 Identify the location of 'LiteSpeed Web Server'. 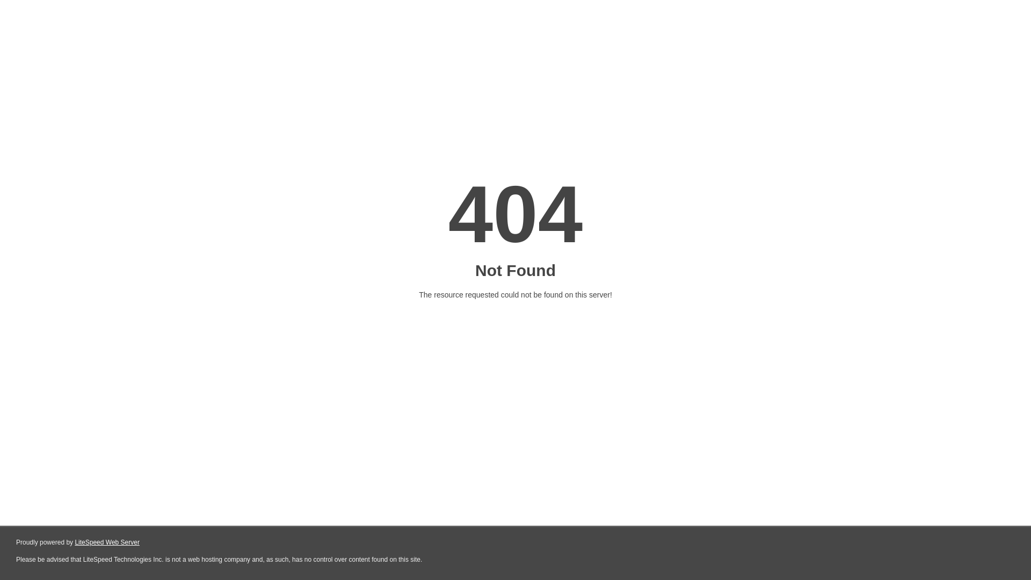
(107, 542).